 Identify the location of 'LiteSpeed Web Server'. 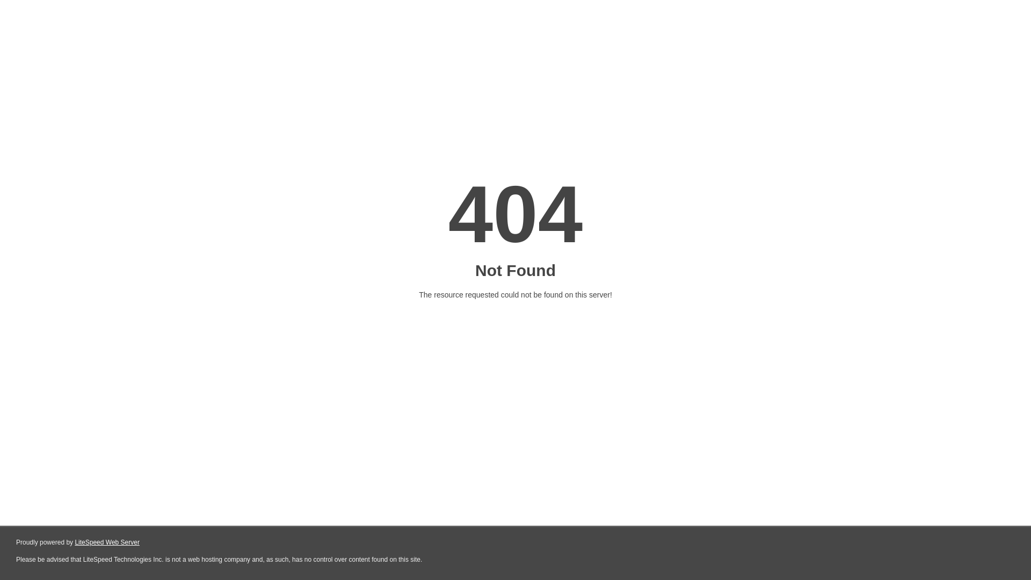
(107, 542).